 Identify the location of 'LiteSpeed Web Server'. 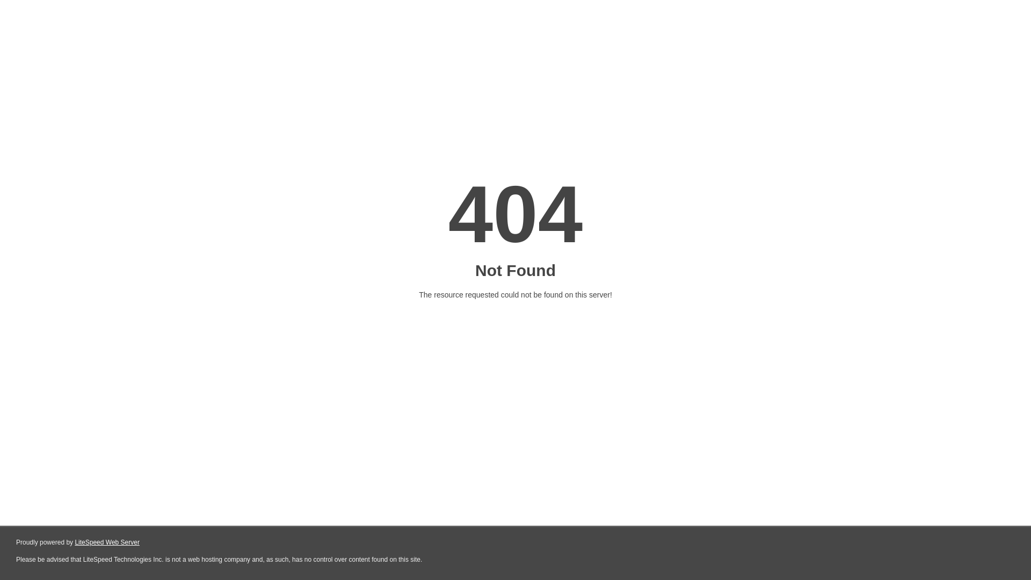
(107, 542).